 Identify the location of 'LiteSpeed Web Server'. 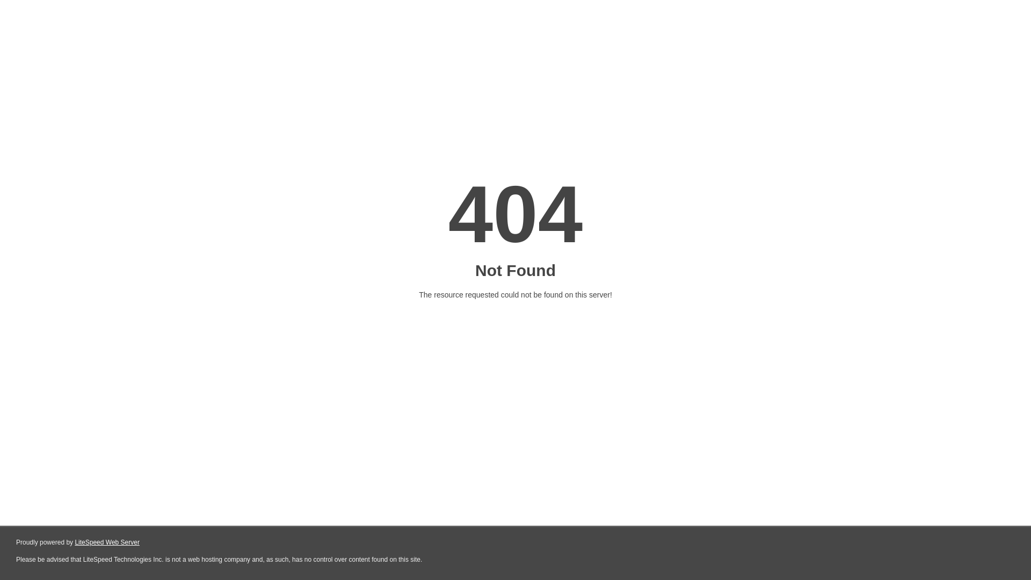
(107, 542).